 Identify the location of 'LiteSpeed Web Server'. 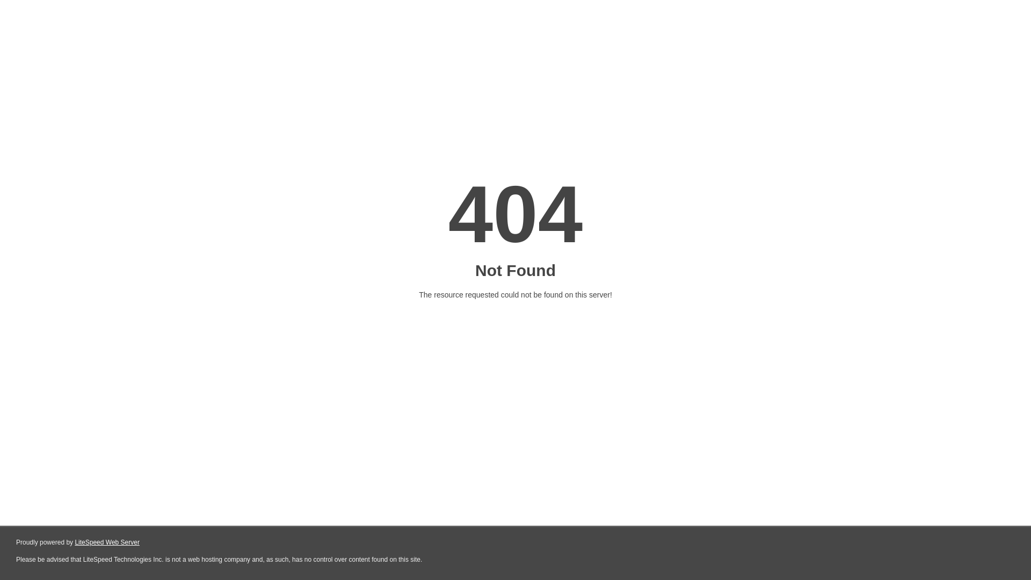
(107, 542).